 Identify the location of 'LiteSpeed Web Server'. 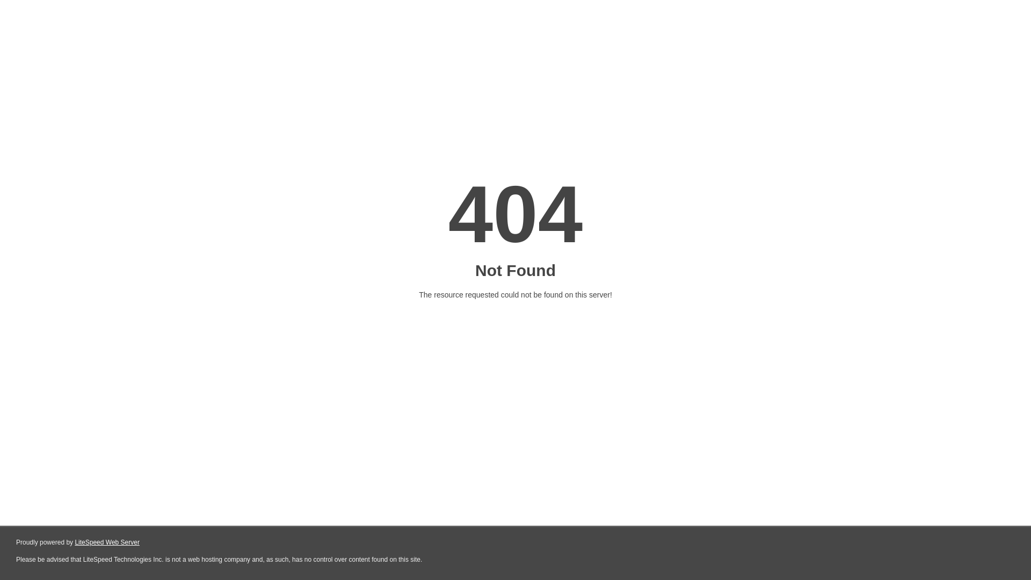
(107, 542).